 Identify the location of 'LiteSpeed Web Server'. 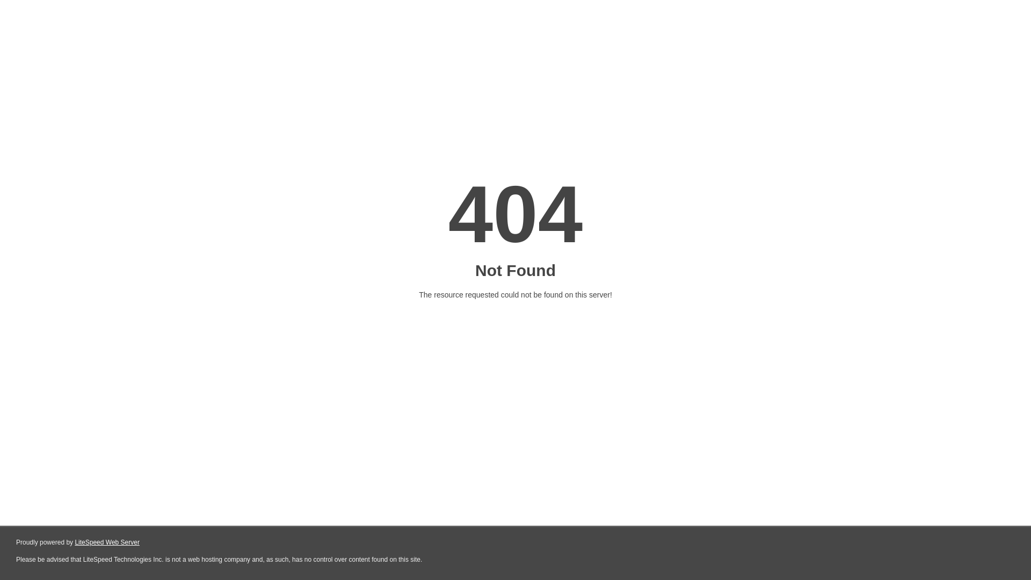
(107, 542).